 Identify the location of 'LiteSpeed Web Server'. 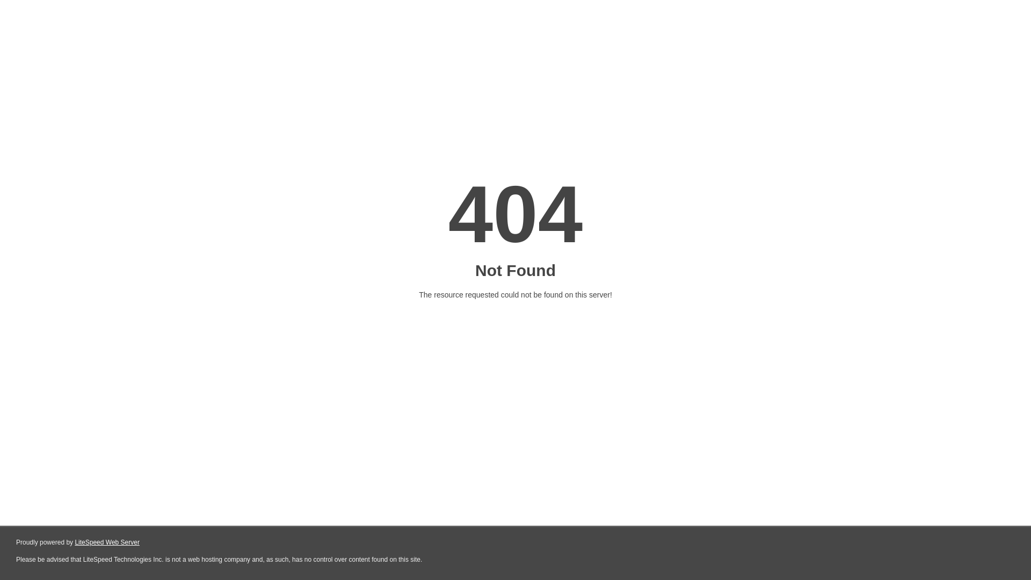
(107, 542).